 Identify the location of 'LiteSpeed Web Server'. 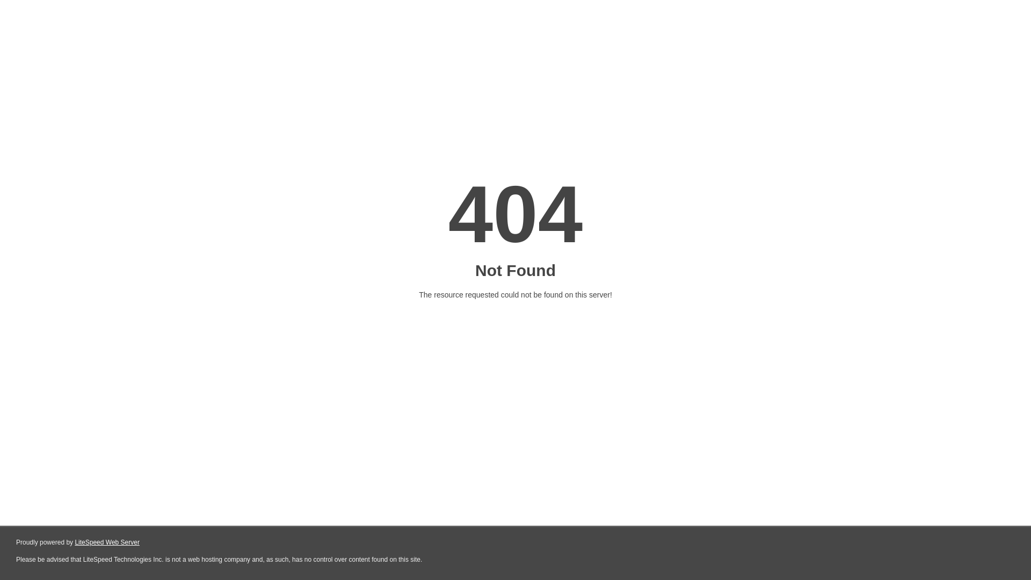
(107, 542).